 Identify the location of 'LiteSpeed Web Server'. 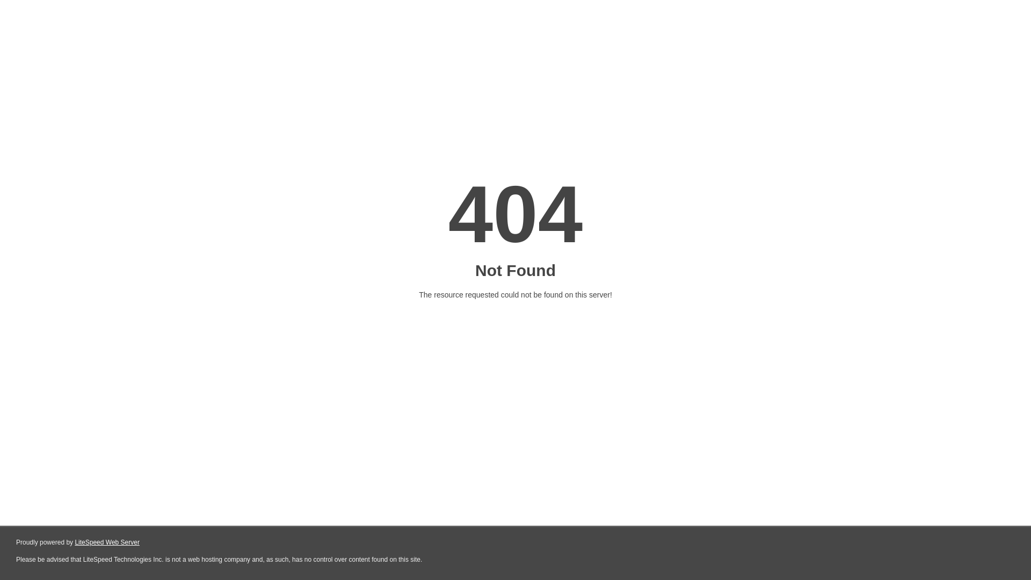
(107, 542).